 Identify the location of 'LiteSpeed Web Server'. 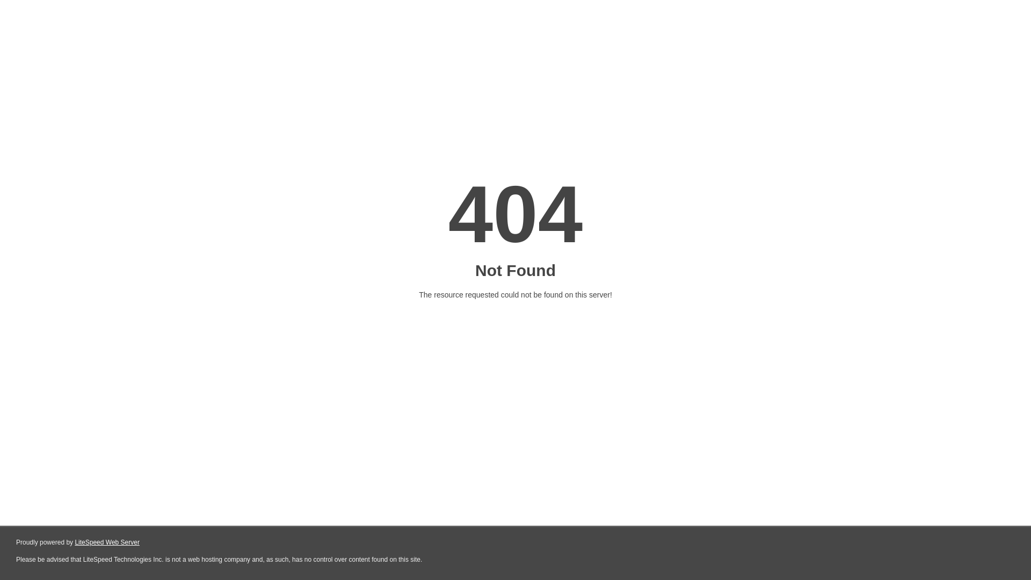
(107, 542).